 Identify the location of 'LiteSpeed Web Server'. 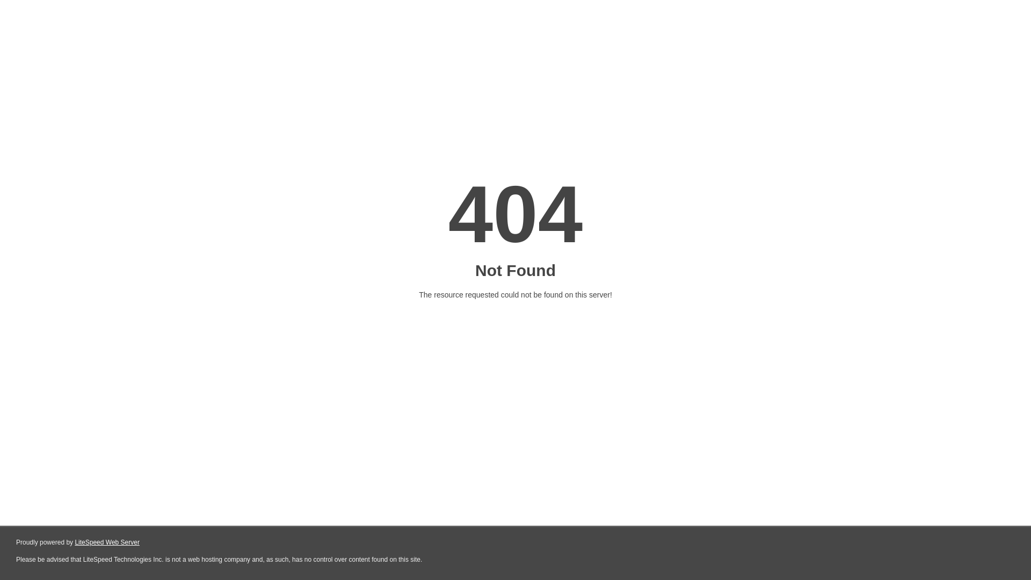
(107, 542).